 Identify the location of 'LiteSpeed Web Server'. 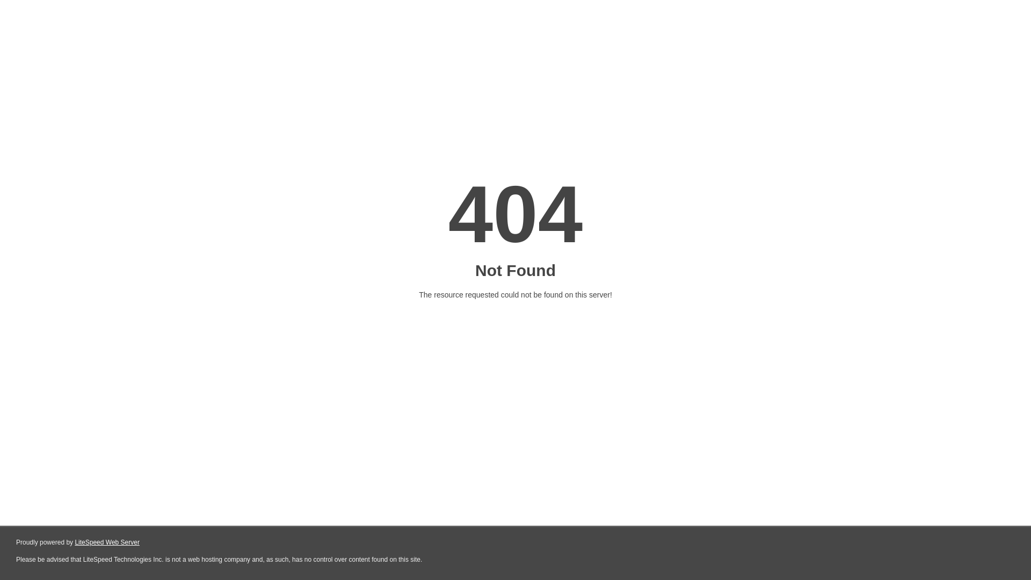
(107, 542).